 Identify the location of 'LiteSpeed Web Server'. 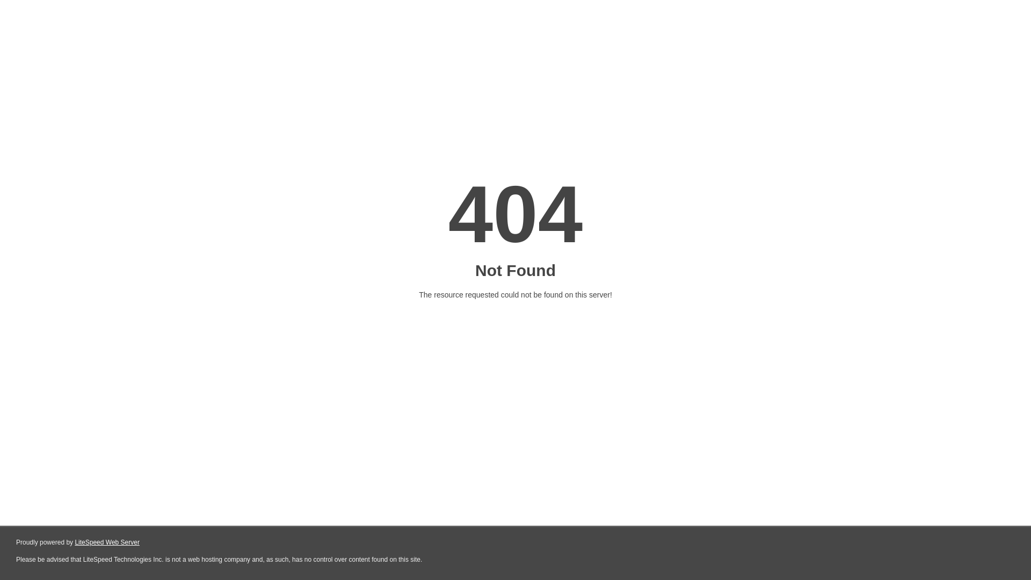
(107, 542).